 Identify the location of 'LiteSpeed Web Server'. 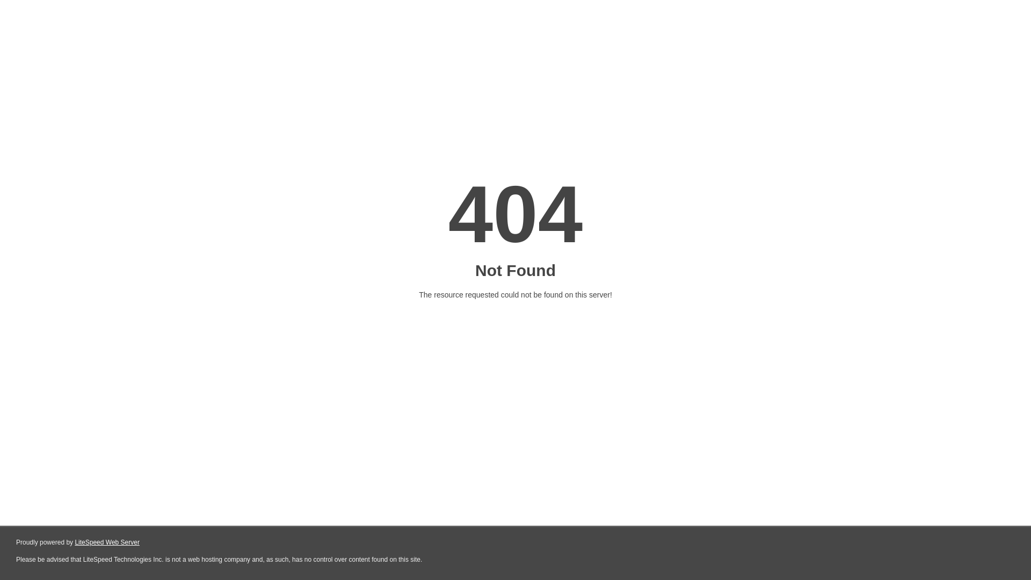
(107, 542).